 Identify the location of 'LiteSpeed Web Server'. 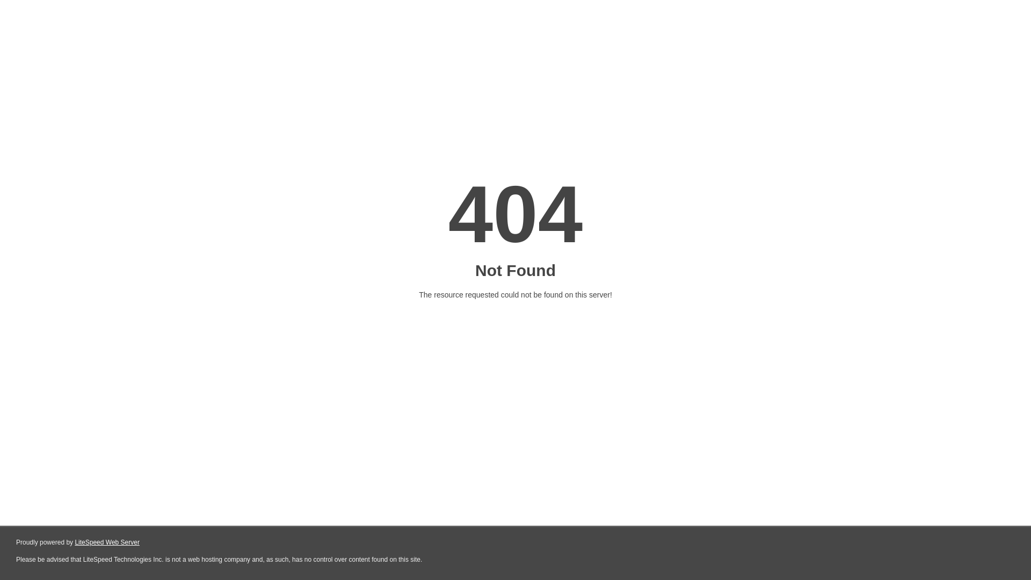
(107, 542).